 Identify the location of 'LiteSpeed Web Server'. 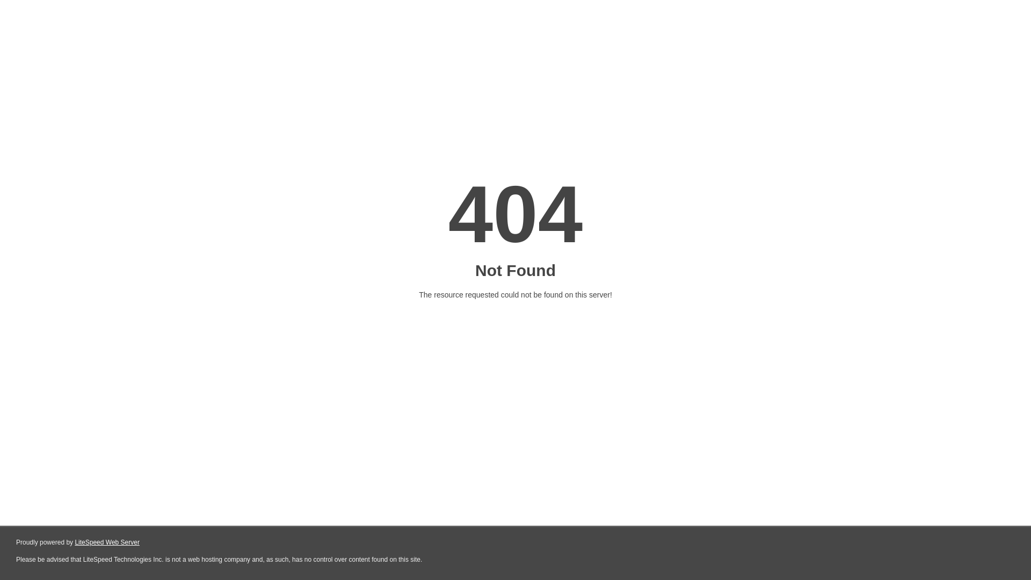
(107, 542).